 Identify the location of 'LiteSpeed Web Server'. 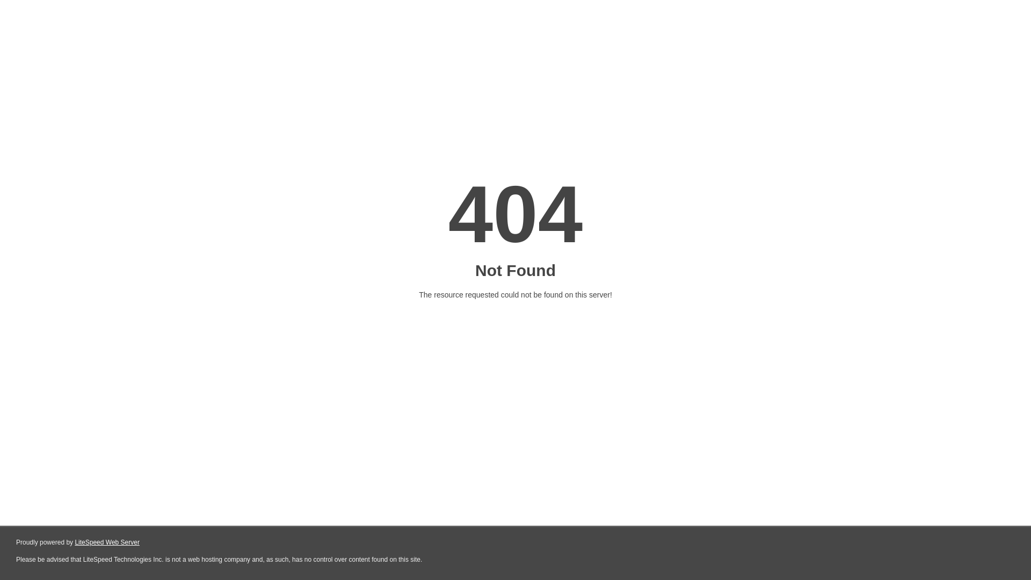
(107, 542).